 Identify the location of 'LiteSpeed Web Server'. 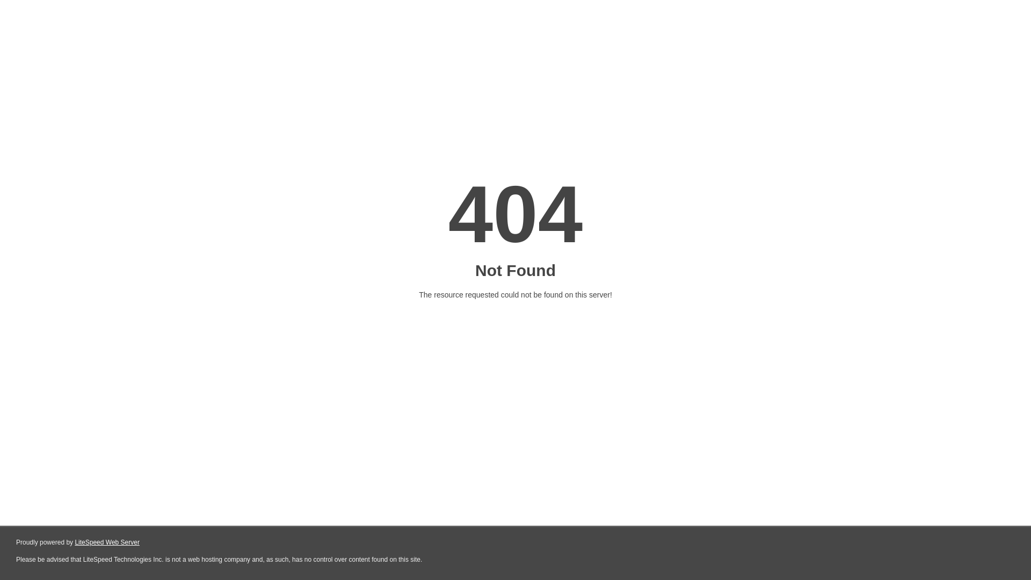
(107, 542).